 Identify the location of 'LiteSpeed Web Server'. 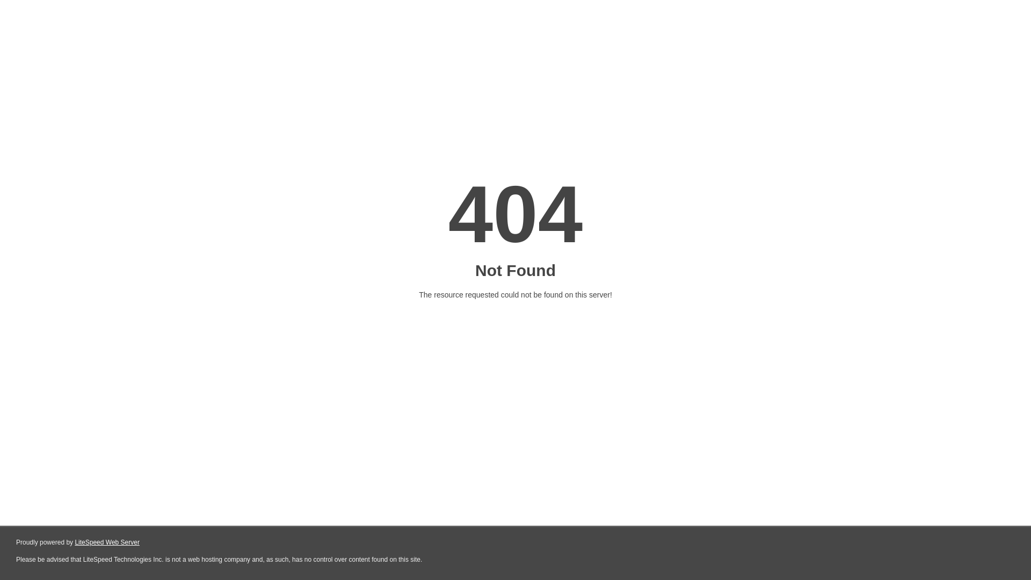
(107, 542).